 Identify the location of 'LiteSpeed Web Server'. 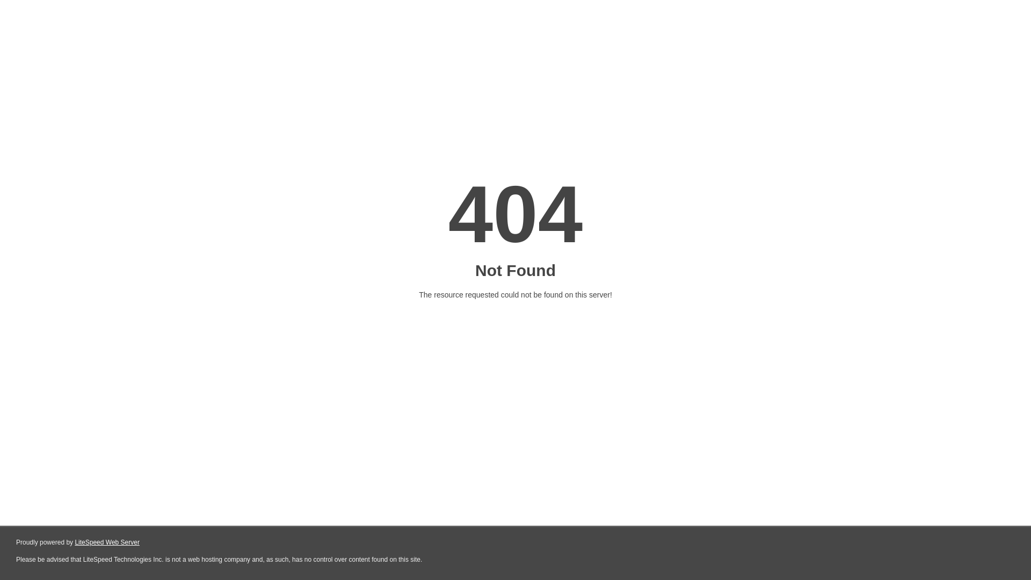
(107, 542).